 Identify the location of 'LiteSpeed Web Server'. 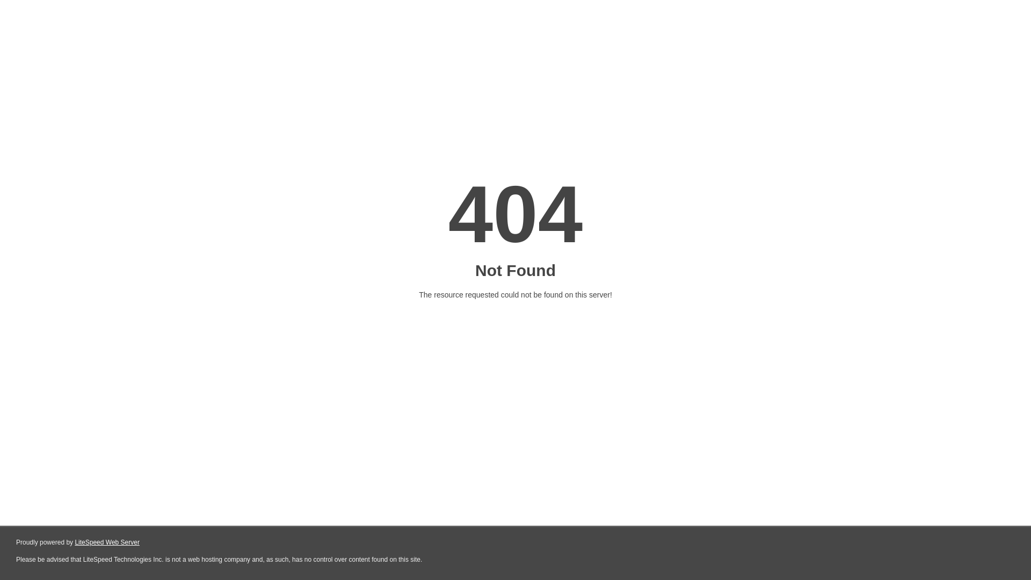
(107, 542).